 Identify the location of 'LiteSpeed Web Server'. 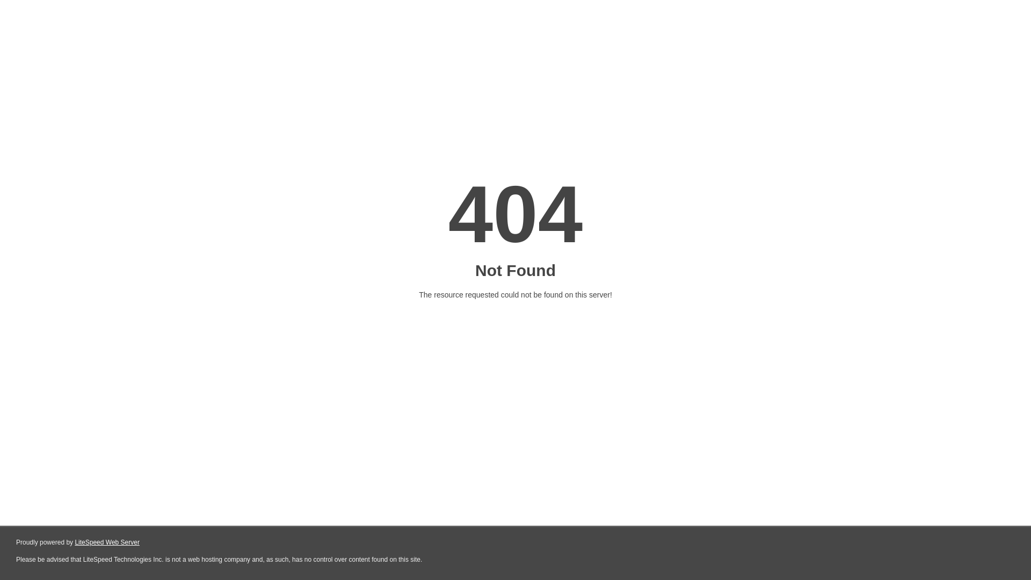
(107, 542).